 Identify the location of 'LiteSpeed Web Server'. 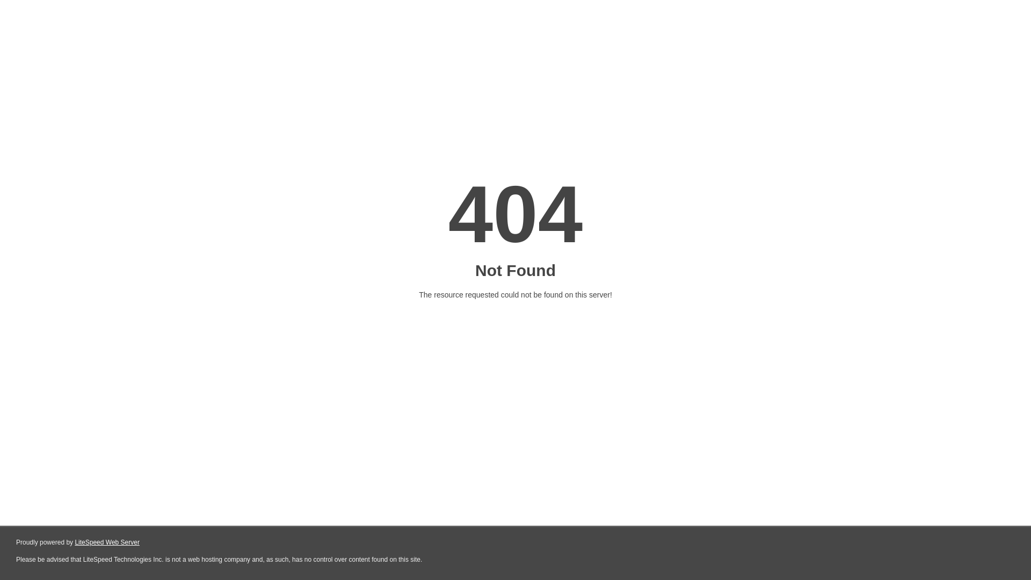
(107, 542).